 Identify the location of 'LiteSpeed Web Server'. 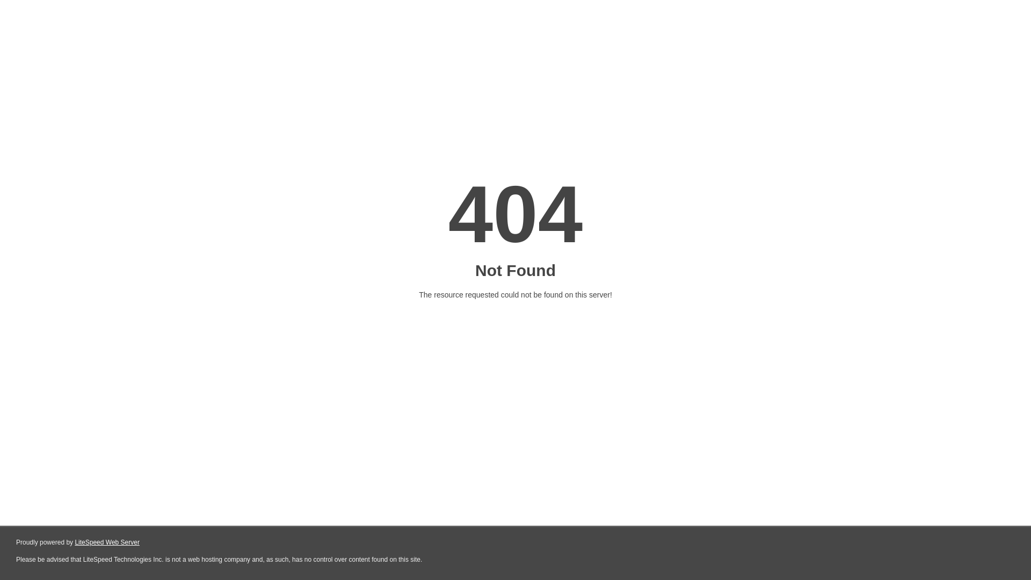
(107, 542).